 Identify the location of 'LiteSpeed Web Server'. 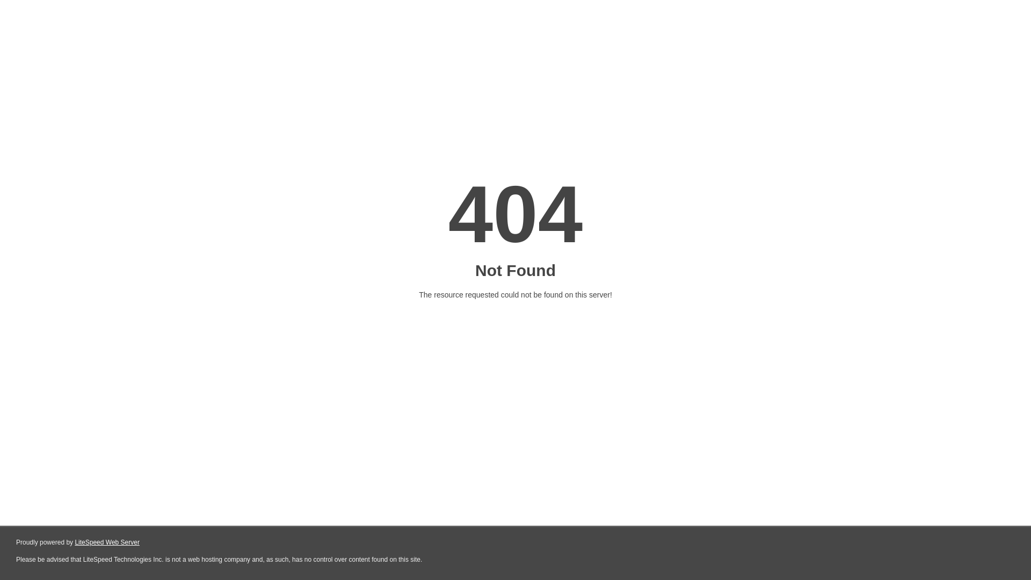
(107, 542).